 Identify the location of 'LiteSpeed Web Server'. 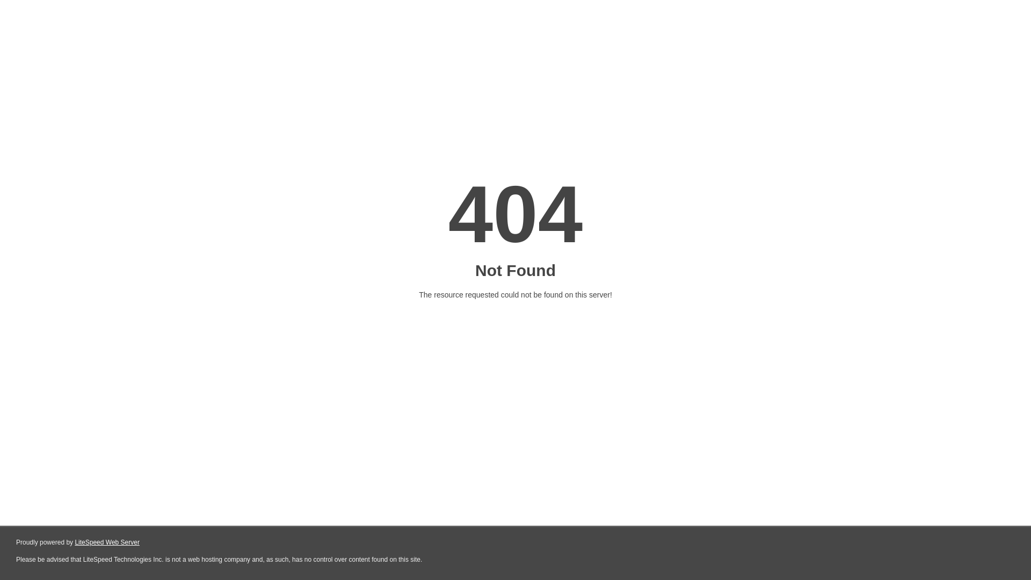
(107, 542).